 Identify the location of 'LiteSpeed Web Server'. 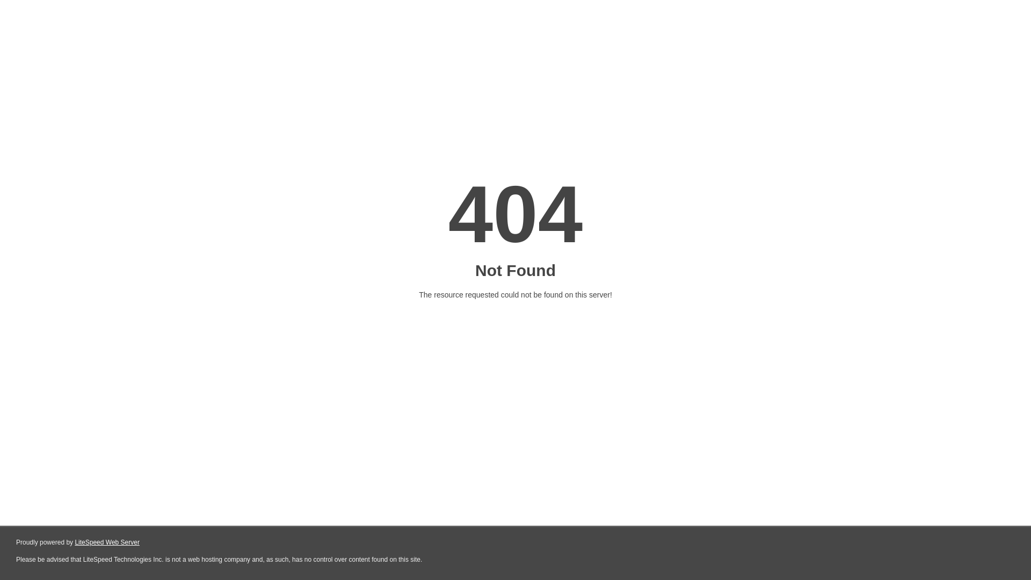
(107, 542).